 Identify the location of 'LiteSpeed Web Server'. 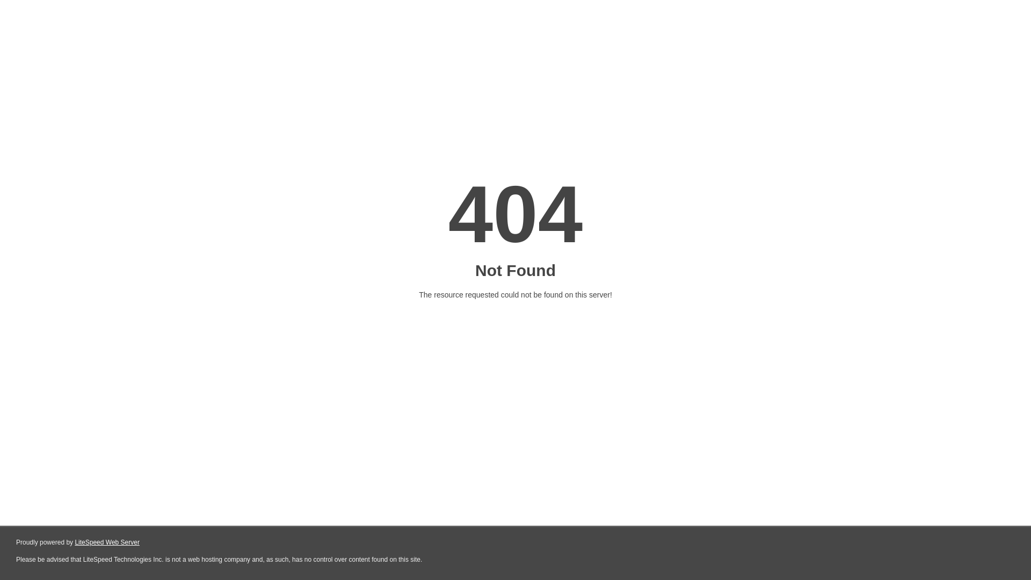
(107, 542).